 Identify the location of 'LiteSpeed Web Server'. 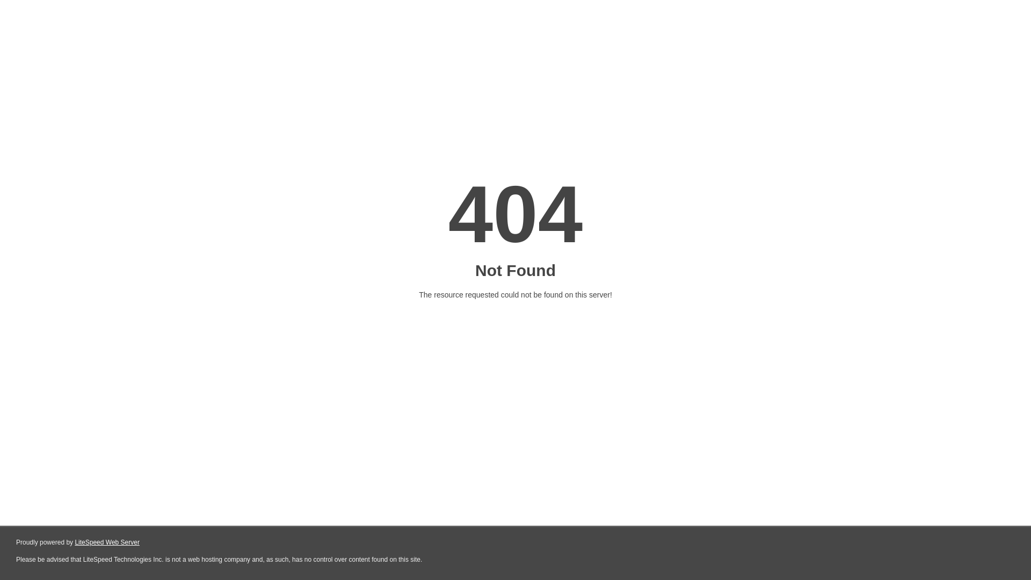
(107, 542).